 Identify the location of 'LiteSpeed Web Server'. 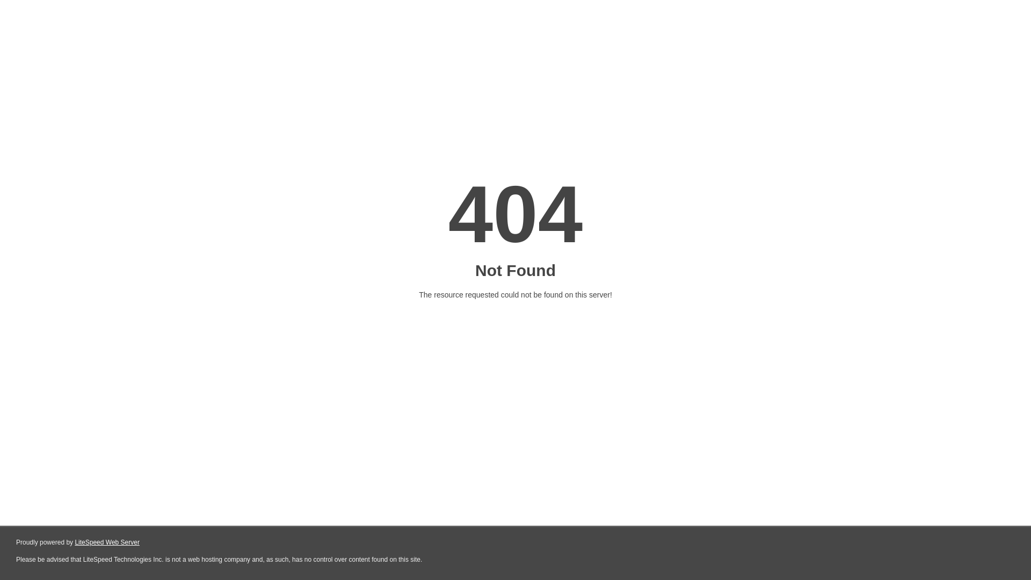
(107, 542).